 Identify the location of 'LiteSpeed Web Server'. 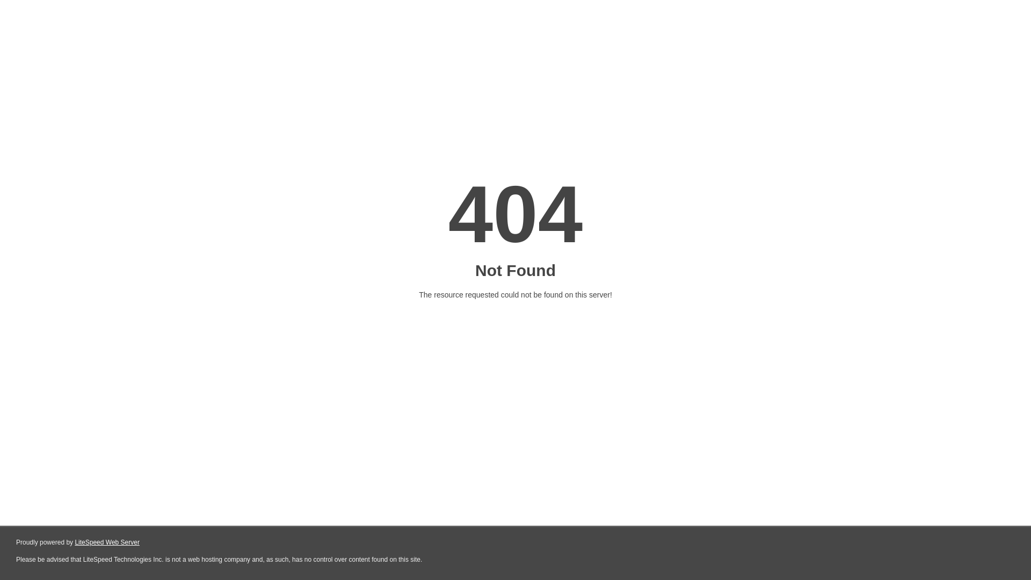
(107, 542).